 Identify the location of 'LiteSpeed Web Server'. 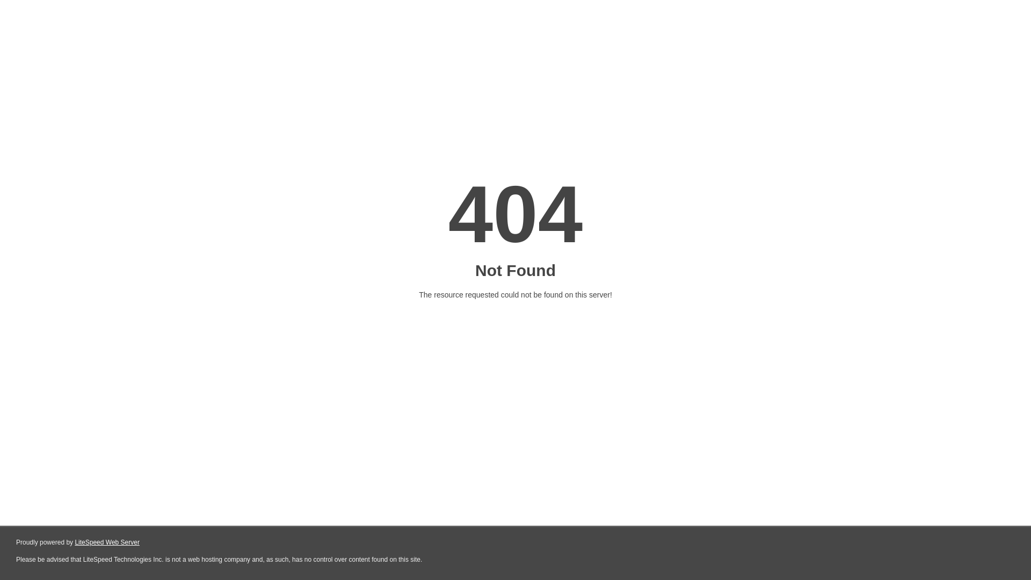
(107, 542).